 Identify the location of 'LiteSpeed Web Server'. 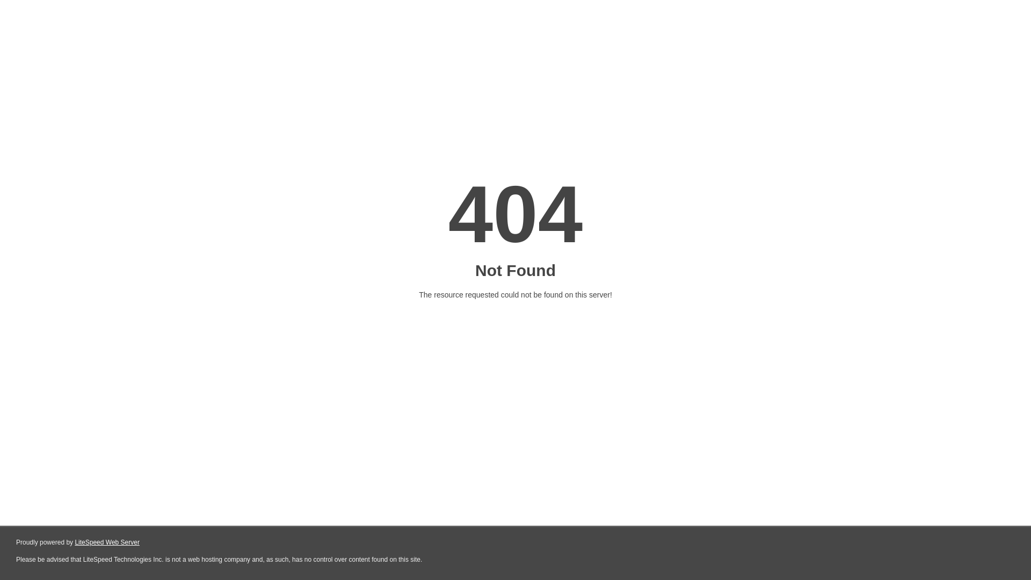
(107, 542).